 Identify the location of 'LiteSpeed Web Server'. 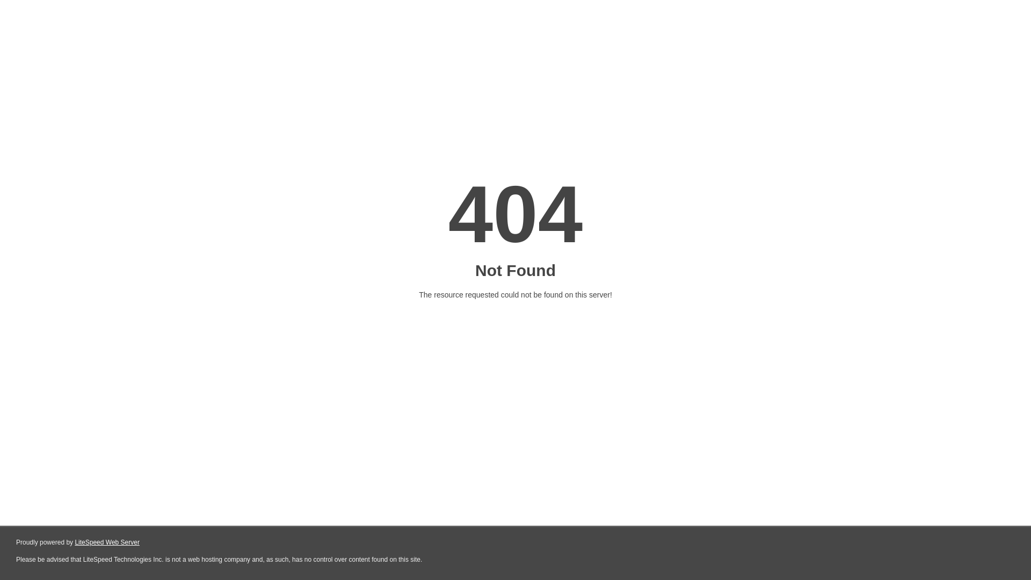
(107, 542).